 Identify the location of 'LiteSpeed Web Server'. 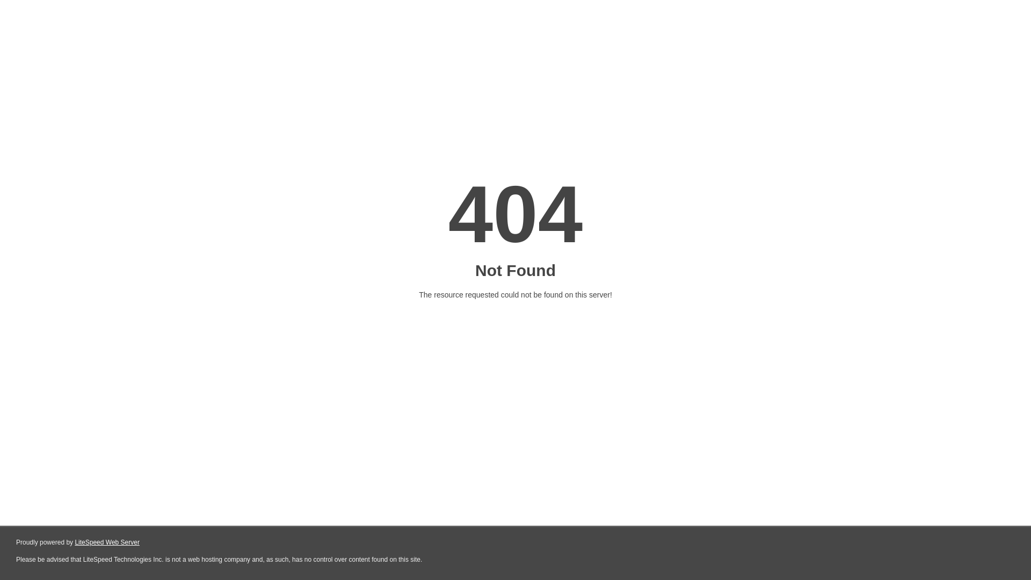
(107, 542).